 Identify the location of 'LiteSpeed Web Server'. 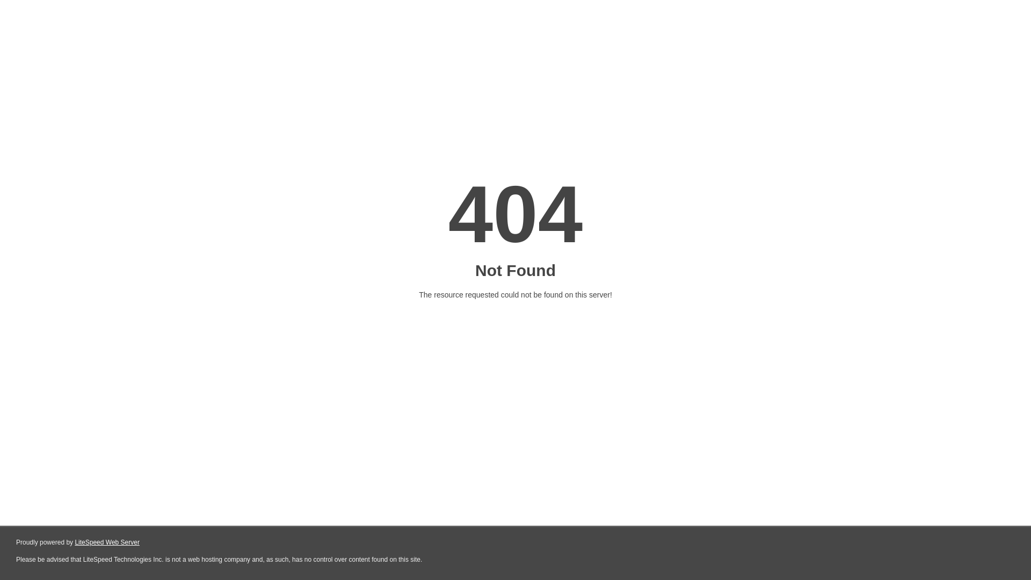
(107, 542).